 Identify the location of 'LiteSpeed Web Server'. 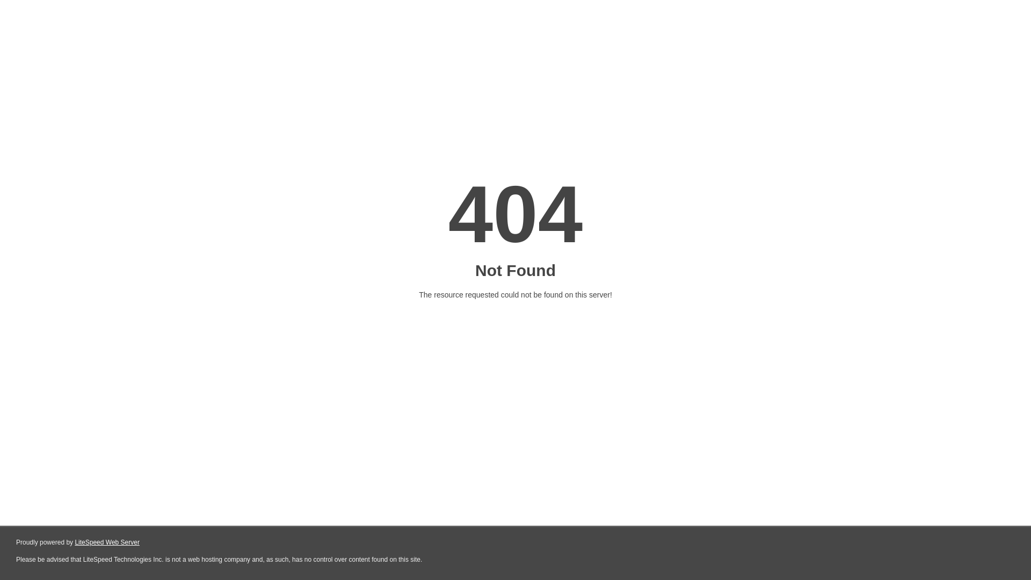
(107, 542).